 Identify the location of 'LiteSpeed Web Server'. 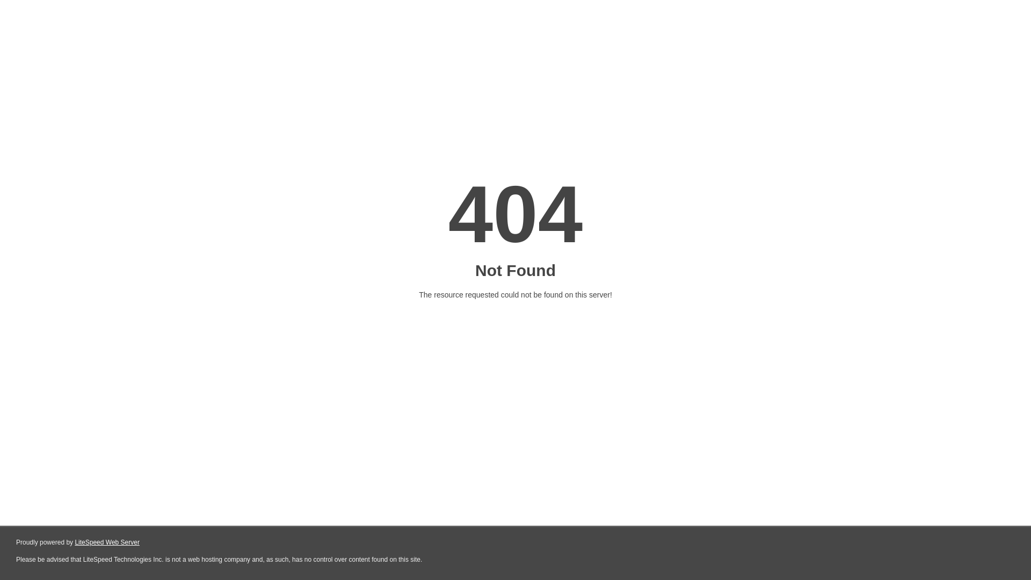
(107, 542).